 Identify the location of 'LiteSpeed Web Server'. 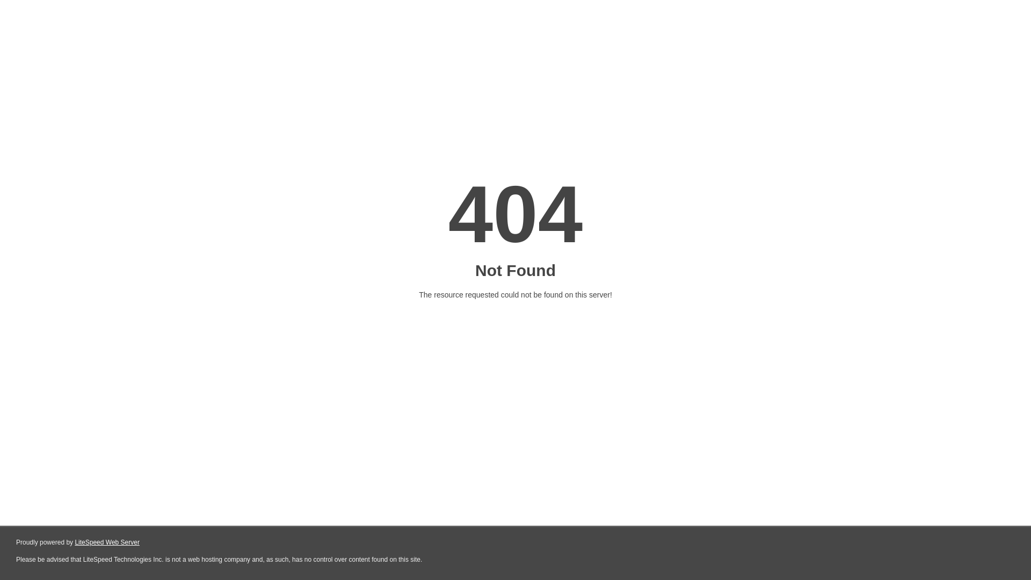
(107, 542).